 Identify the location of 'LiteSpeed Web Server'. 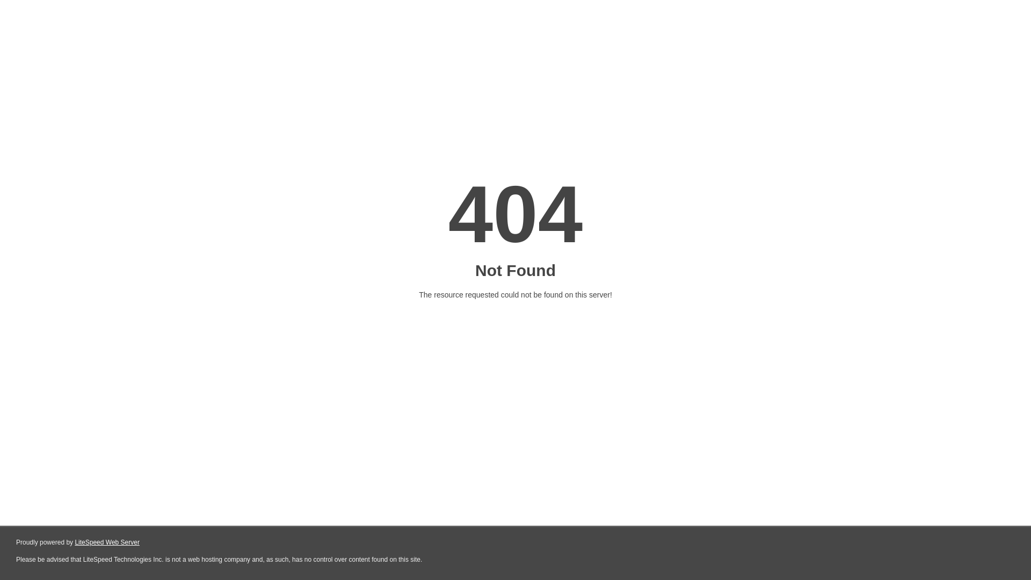
(107, 542).